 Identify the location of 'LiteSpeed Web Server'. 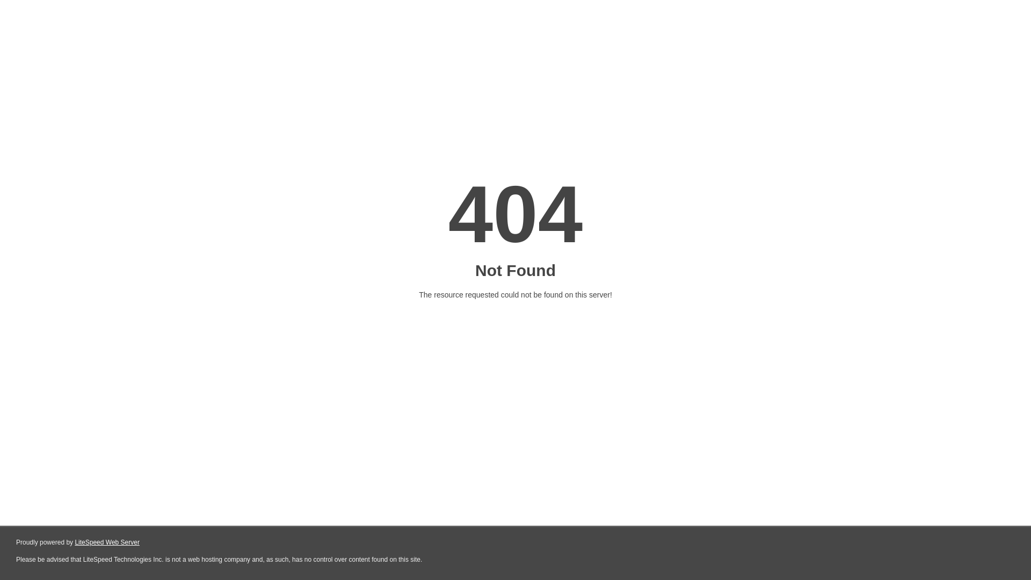
(107, 542).